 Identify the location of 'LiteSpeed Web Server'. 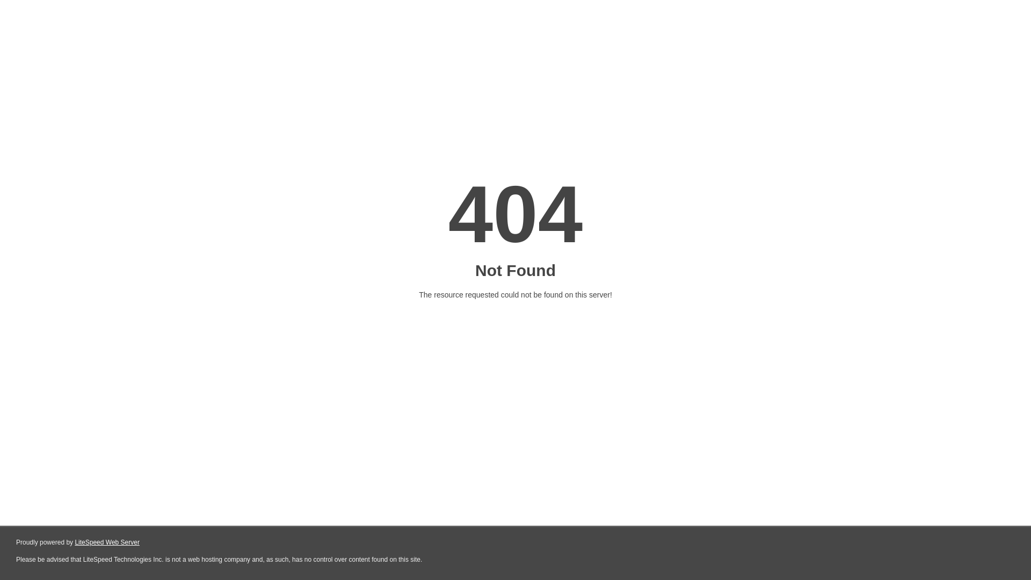
(107, 542).